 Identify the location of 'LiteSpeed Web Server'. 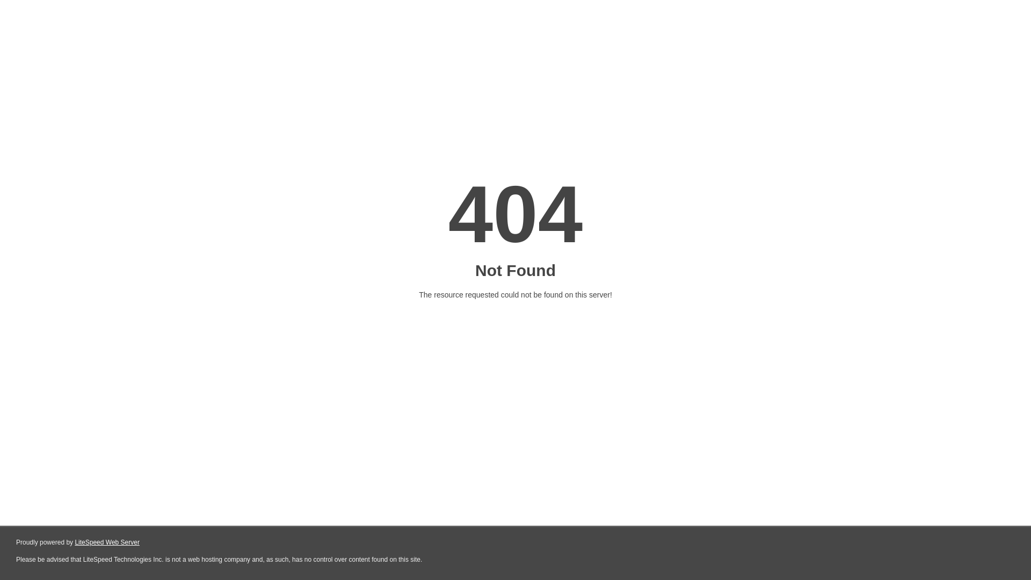
(107, 542).